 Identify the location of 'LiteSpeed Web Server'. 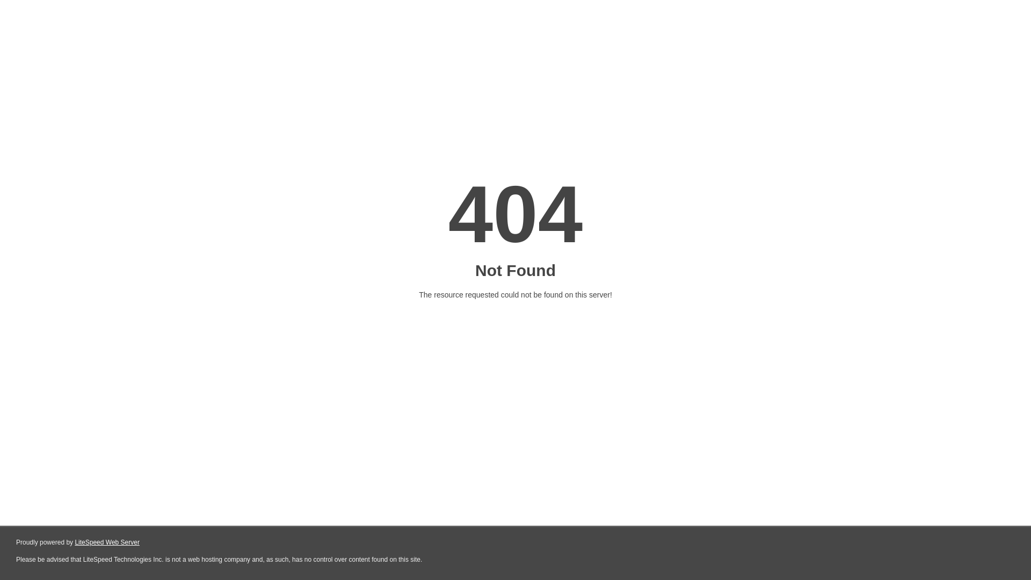
(107, 542).